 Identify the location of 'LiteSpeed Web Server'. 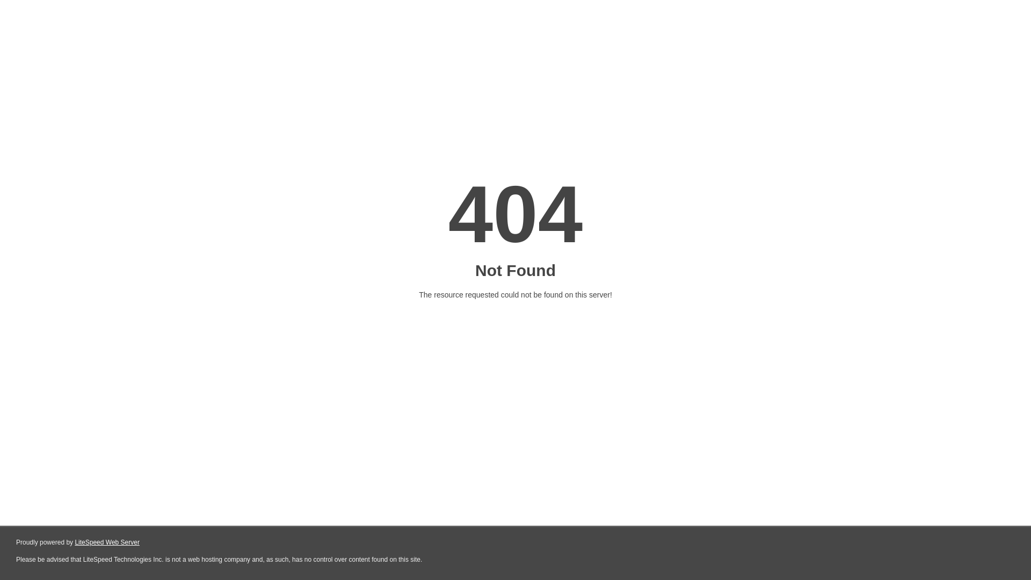
(107, 542).